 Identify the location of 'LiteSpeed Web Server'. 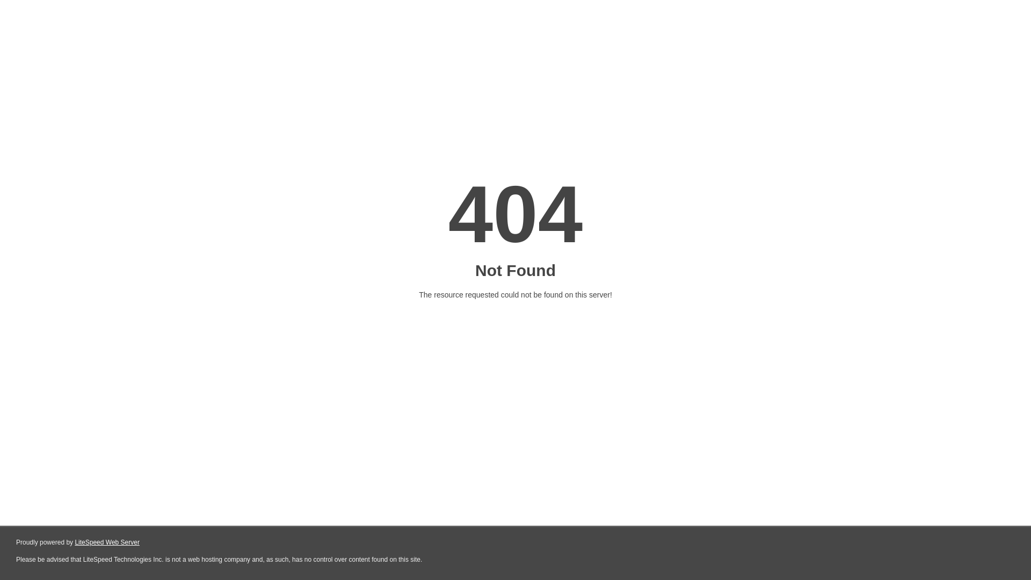
(107, 542).